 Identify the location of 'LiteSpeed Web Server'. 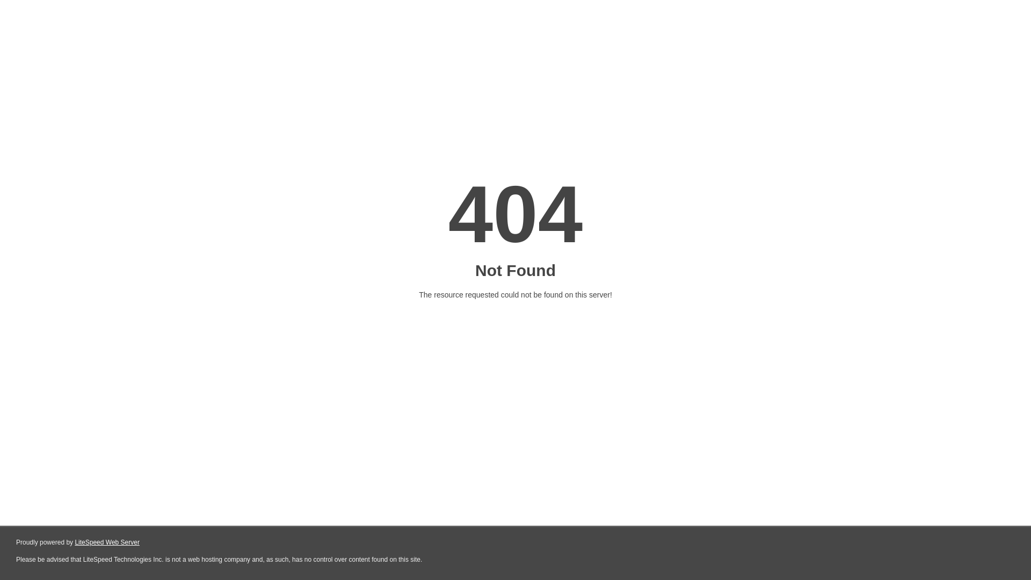
(107, 542).